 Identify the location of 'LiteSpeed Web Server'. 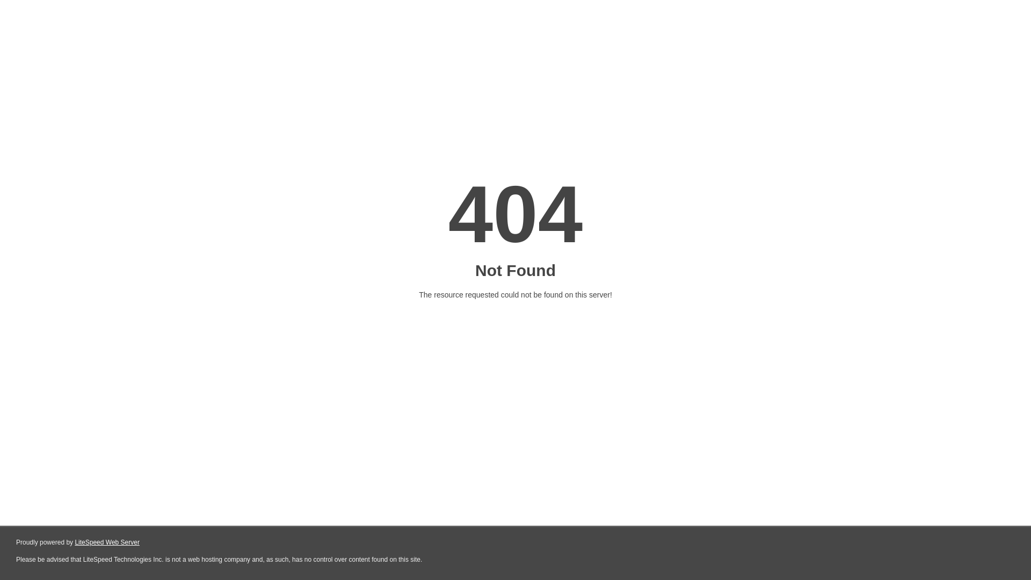
(107, 542).